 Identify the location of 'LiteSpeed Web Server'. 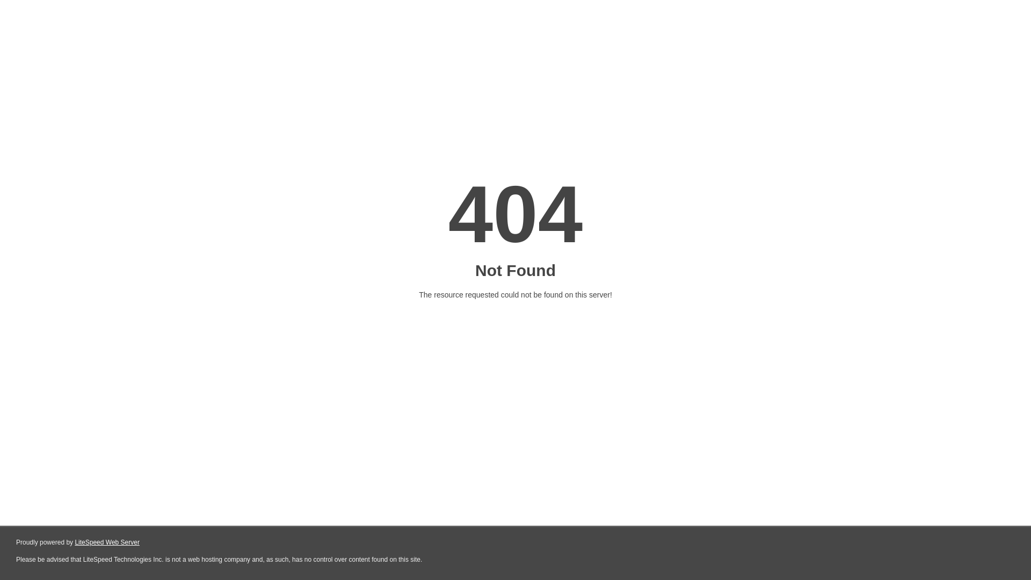
(107, 542).